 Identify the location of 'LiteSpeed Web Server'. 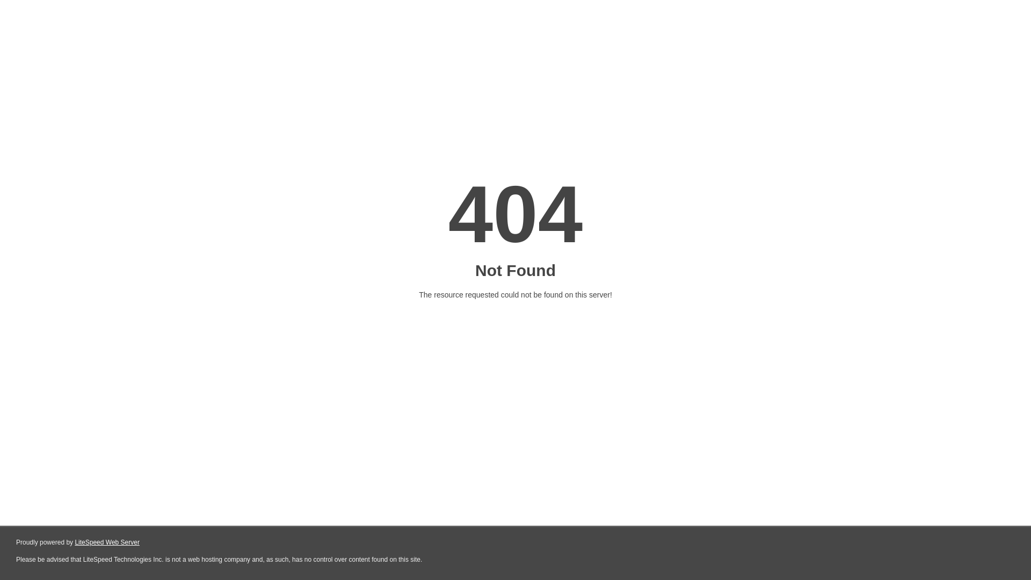
(107, 542).